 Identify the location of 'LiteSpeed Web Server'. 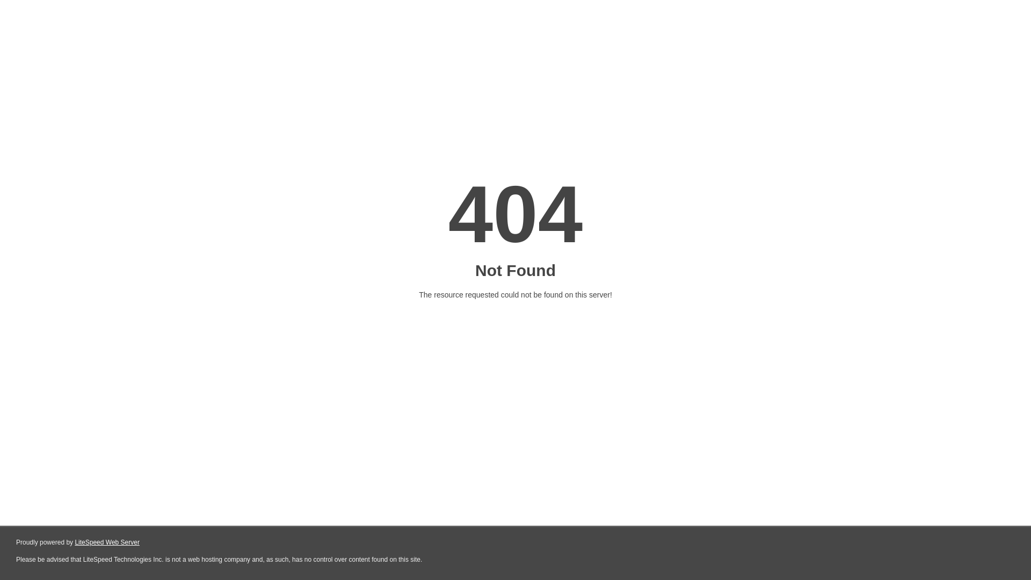
(107, 542).